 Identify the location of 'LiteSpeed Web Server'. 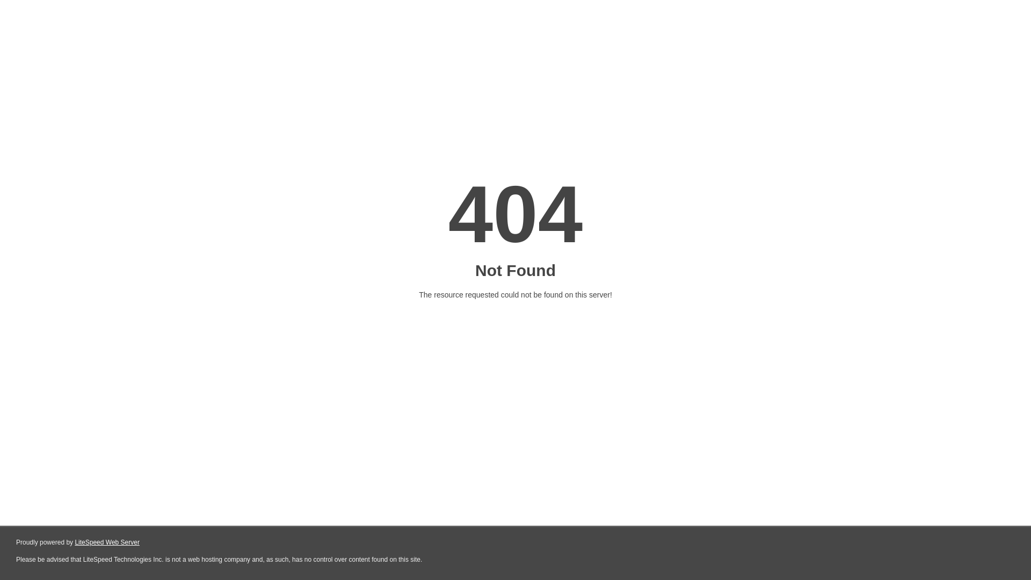
(107, 542).